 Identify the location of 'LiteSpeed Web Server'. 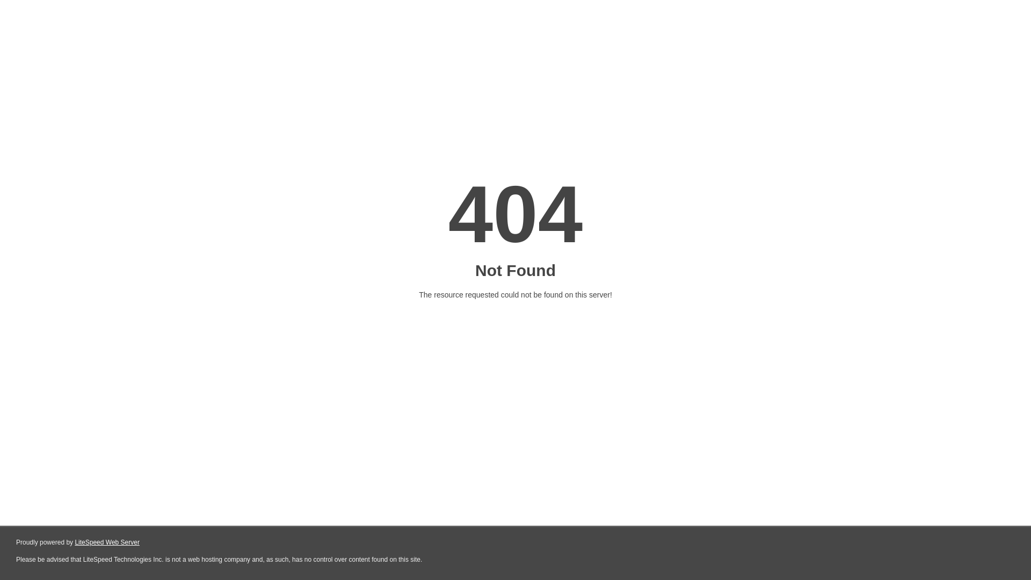
(107, 542).